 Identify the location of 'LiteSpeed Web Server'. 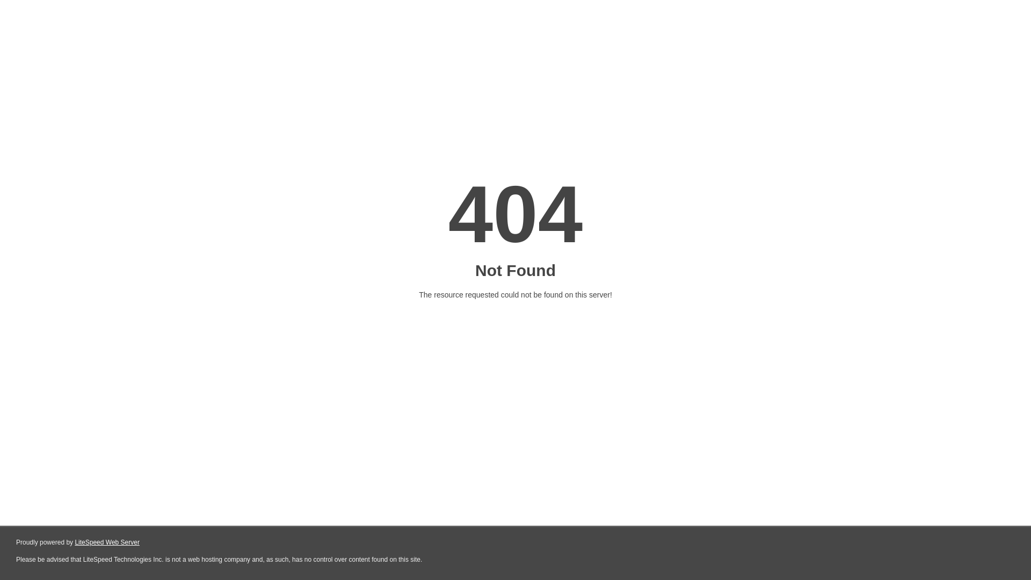
(107, 542).